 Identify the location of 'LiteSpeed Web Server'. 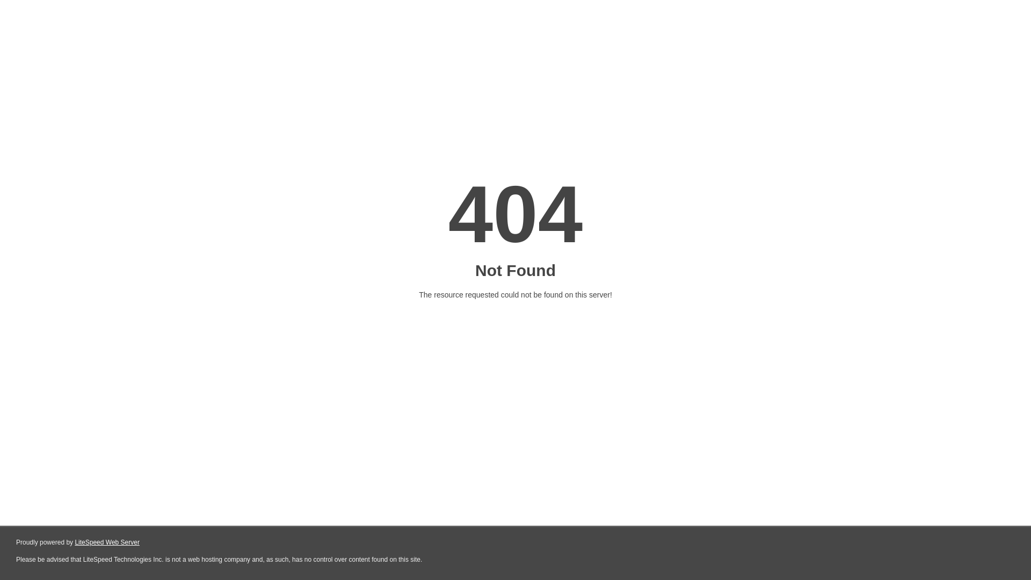
(107, 542).